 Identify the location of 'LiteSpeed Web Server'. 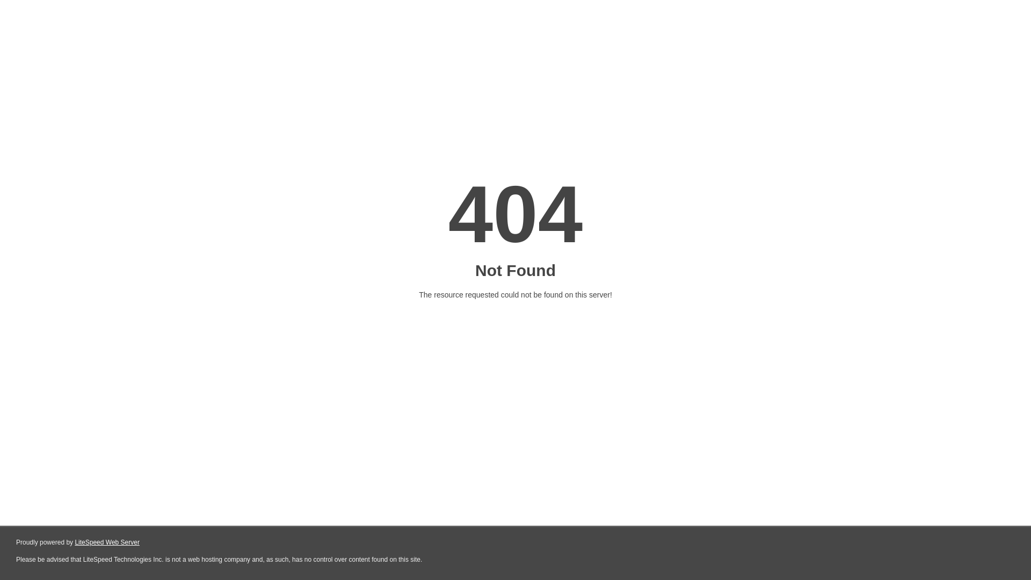
(107, 542).